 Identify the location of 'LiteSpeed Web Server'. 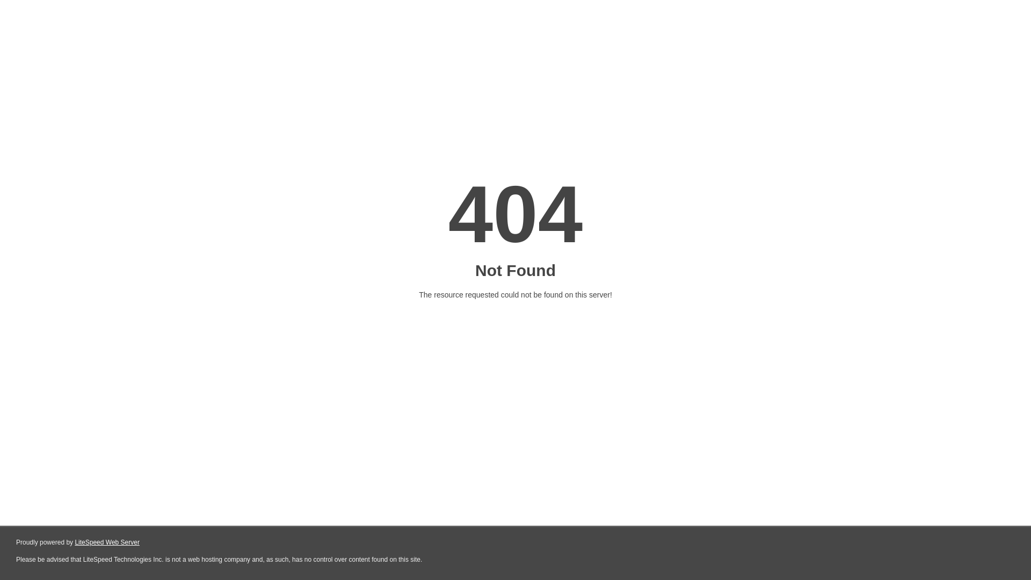
(107, 542).